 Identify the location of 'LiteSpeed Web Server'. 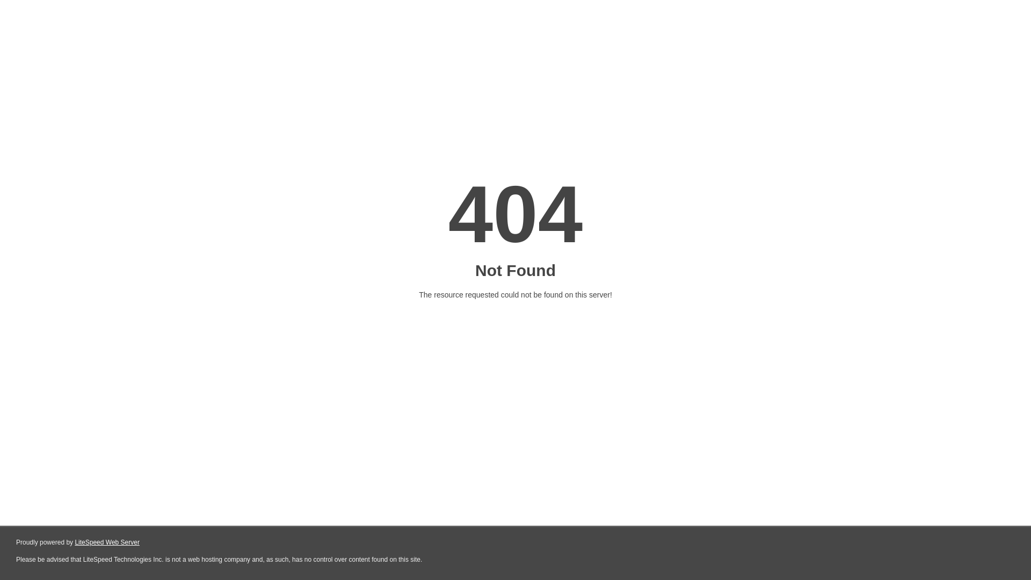
(107, 542).